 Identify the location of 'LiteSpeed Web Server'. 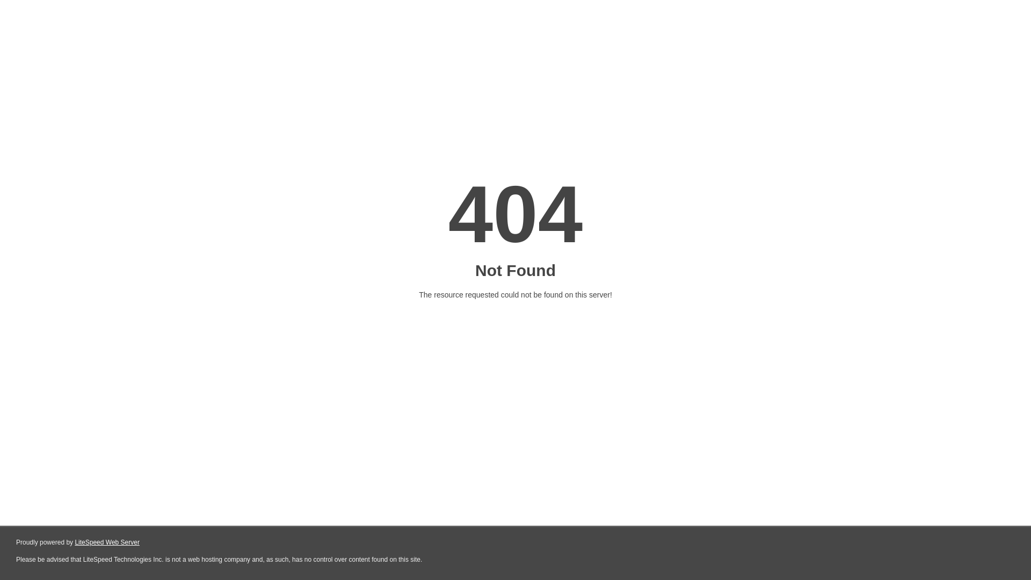
(107, 542).